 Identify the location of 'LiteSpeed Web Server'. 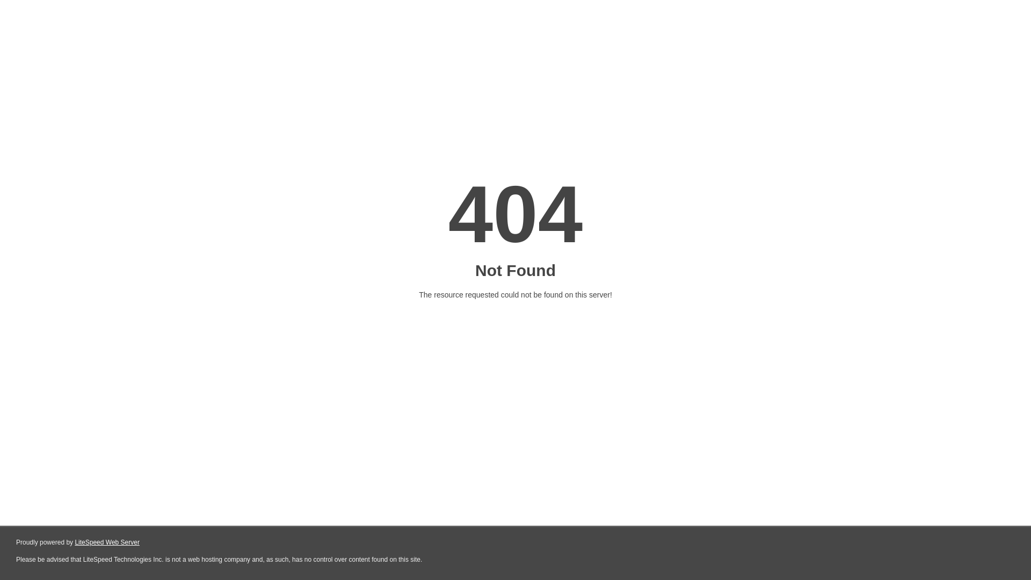
(107, 542).